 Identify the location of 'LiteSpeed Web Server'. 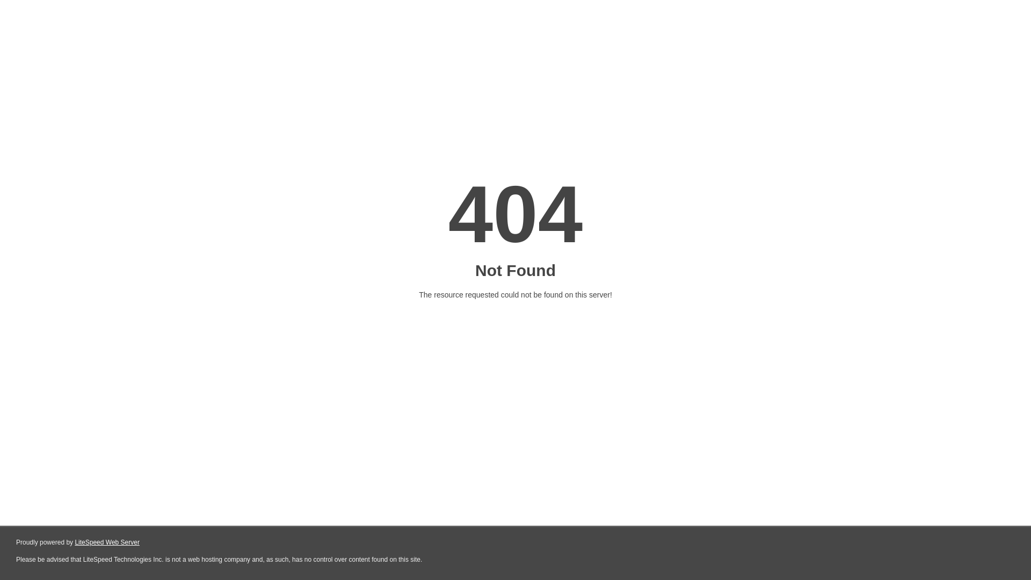
(107, 542).